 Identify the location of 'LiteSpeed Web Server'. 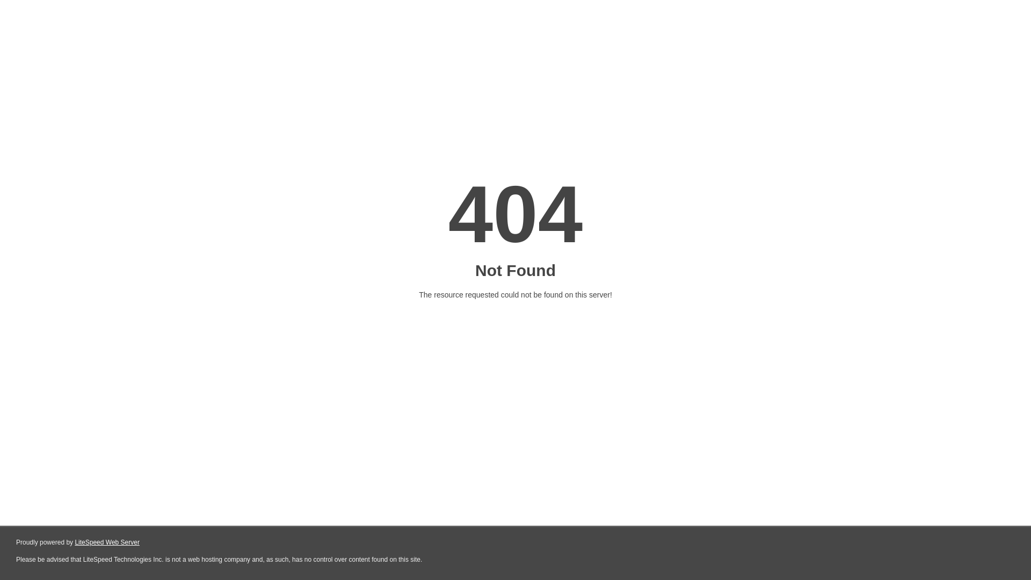
(107, 542).